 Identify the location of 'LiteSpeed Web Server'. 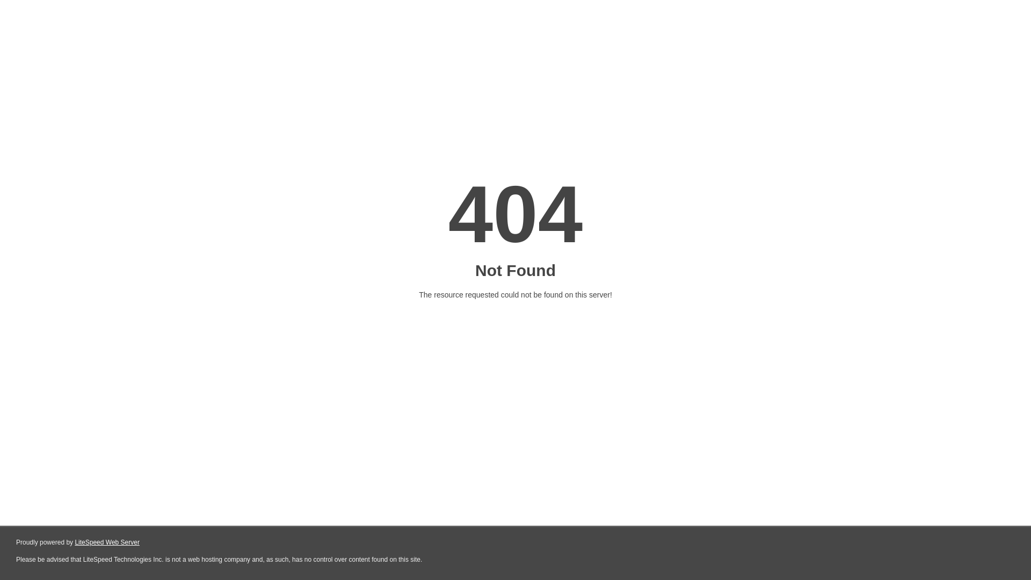
(107, 542).